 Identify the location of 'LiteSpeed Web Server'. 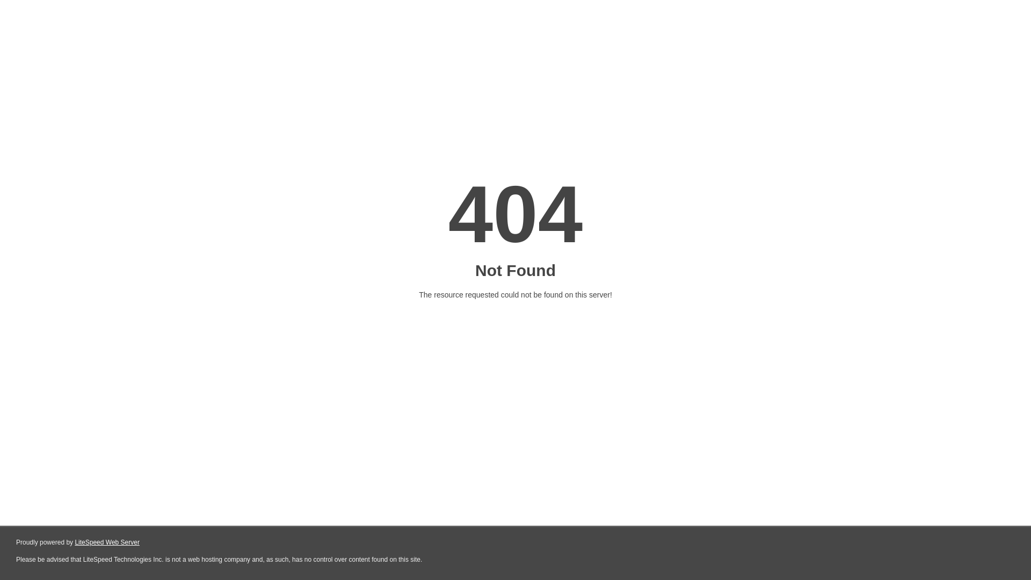
(107, 542).